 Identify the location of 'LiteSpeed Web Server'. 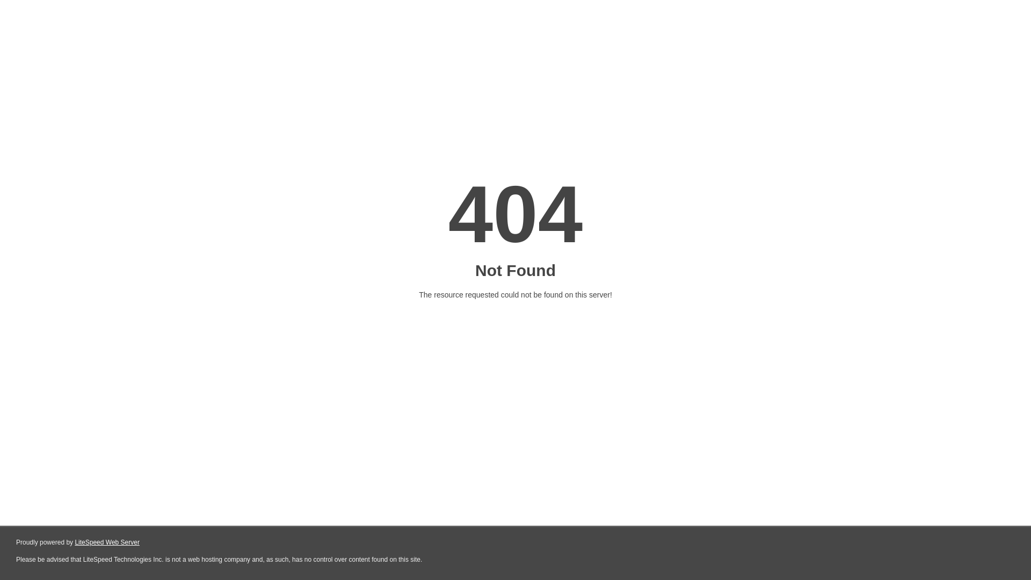
(107, 542).